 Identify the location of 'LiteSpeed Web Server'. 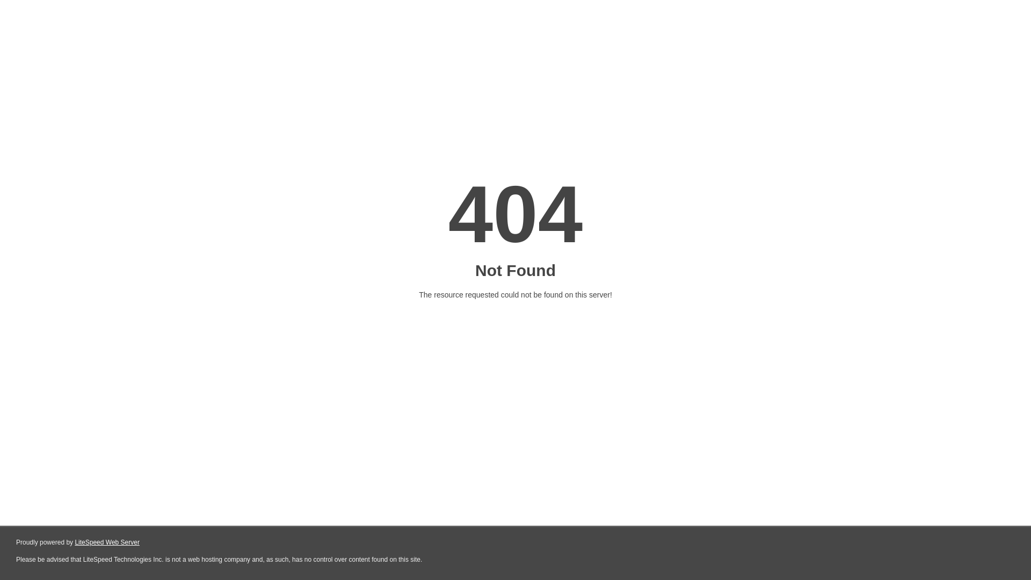
(107, 542).